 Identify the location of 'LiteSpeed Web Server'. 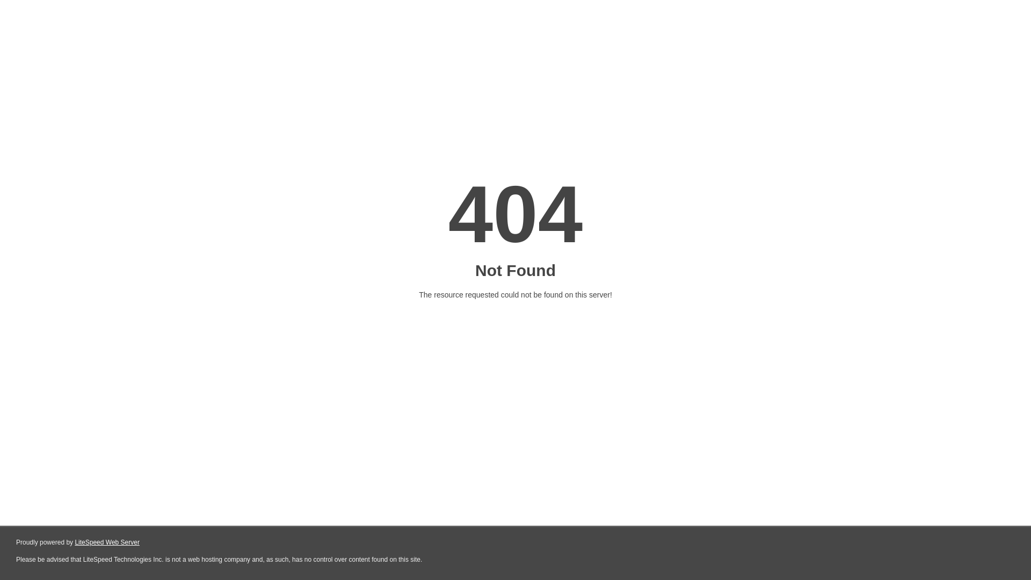
(107, 542).